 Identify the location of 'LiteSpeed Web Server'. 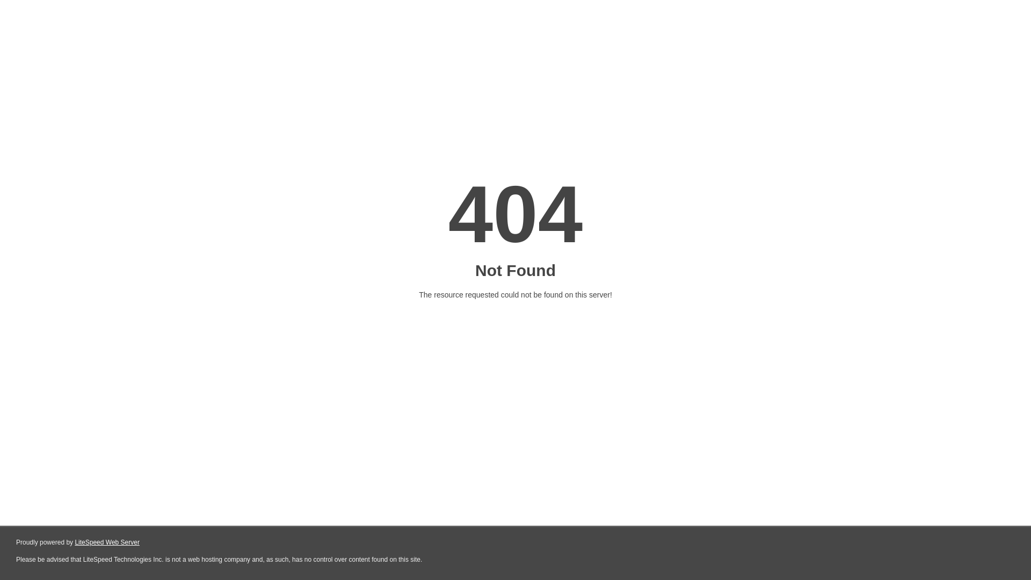
(107, 542).